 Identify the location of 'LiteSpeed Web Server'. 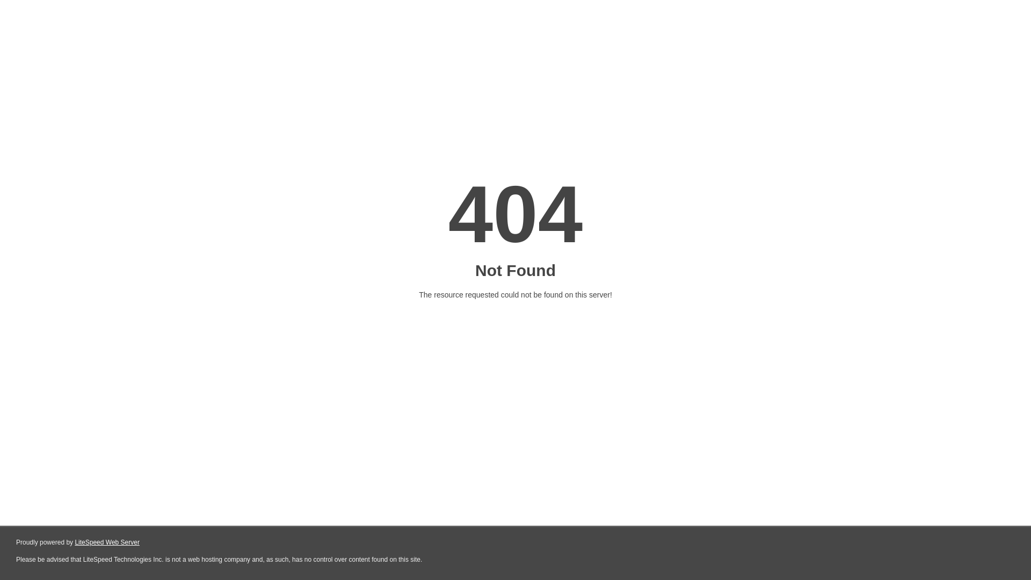
(107, 542).